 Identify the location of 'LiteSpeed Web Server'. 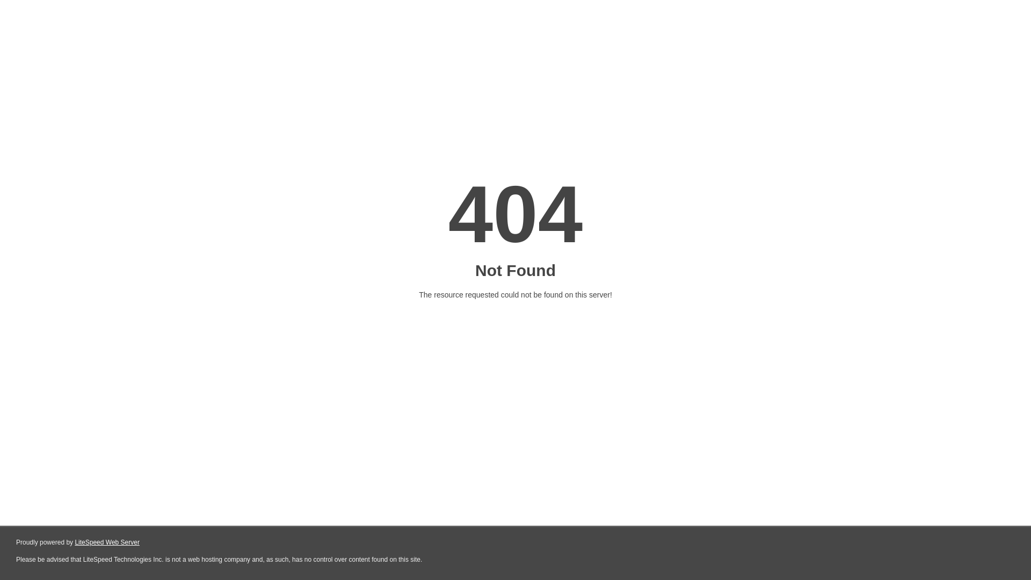
(107, 542).